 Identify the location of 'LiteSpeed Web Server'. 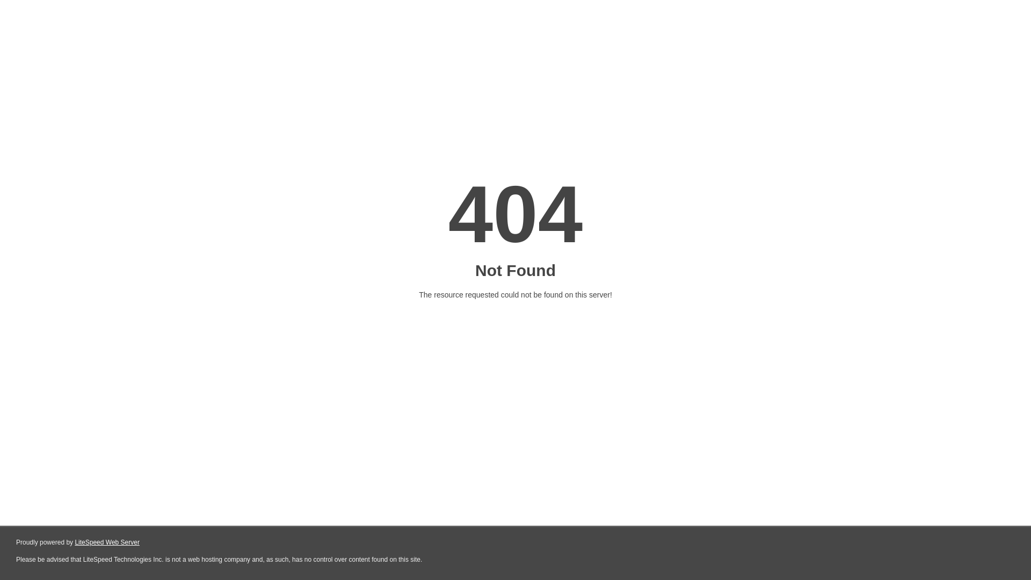
(107, 542).